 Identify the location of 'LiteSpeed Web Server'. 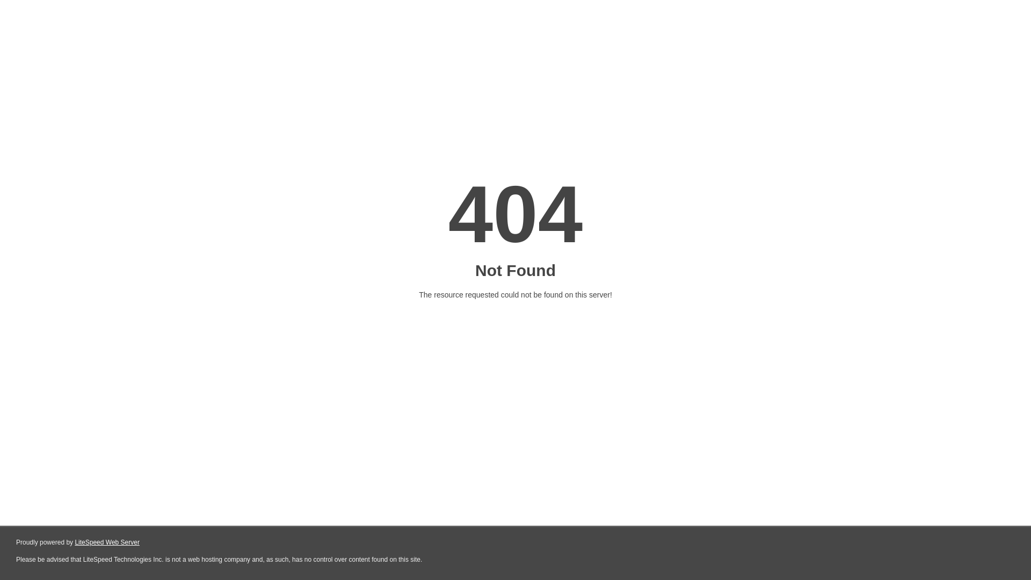
(107, 542).